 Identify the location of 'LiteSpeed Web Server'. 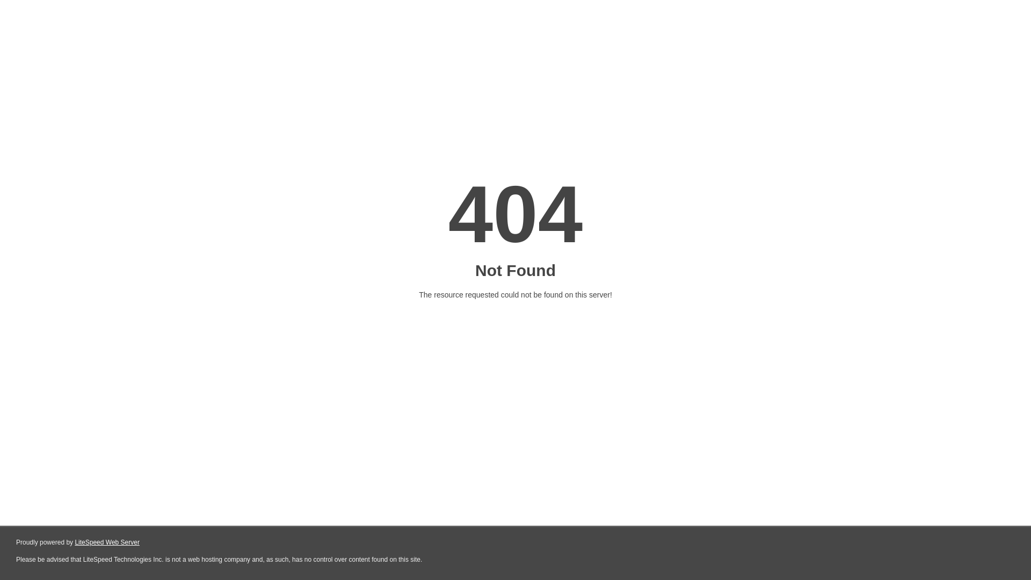
(107, 542).